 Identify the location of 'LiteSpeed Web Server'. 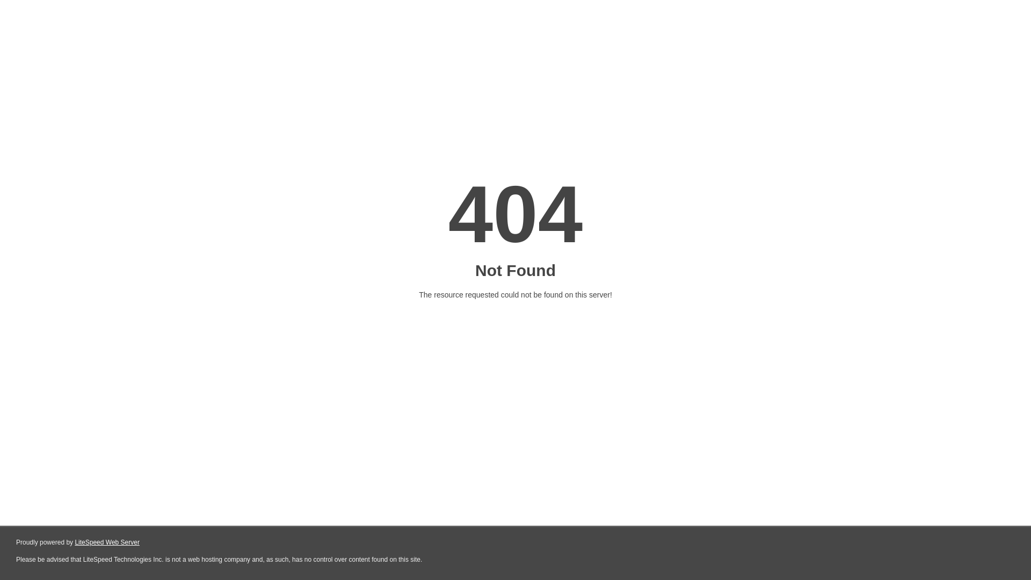
(107, 542).